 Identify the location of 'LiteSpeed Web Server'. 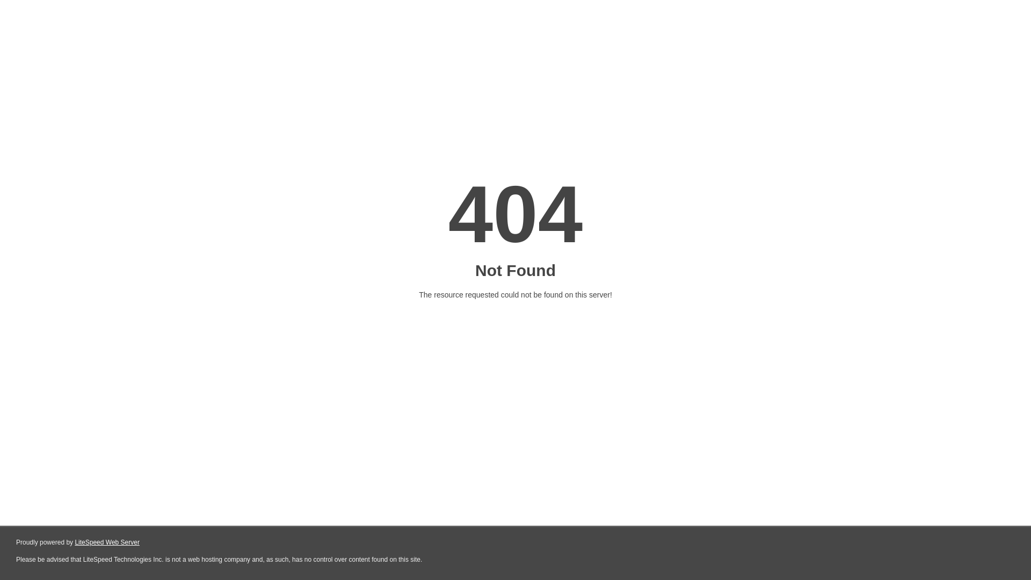
(107, 542).